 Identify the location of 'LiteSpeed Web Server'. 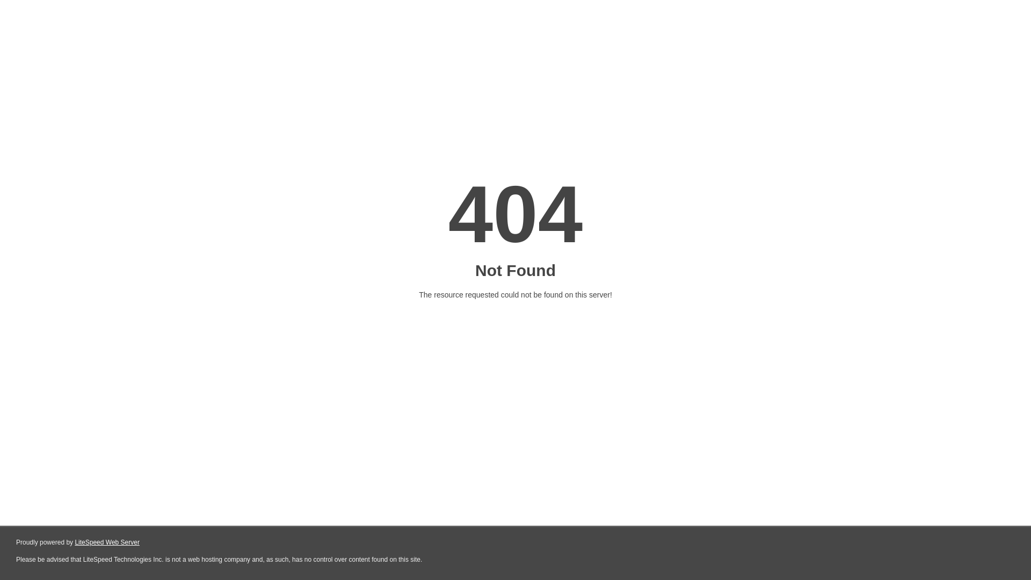
(107, 542).